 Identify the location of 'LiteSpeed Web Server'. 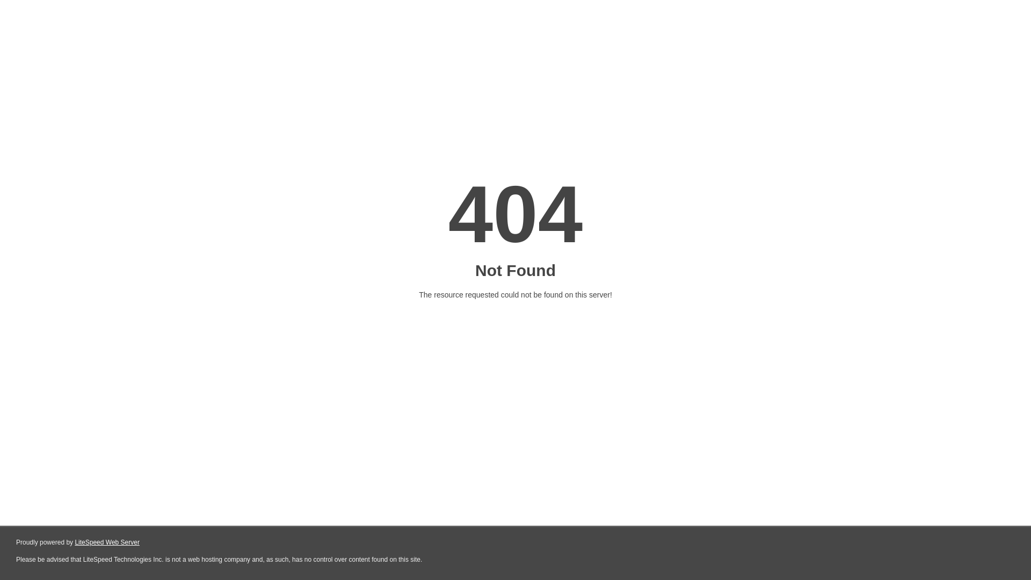
(107, 542).